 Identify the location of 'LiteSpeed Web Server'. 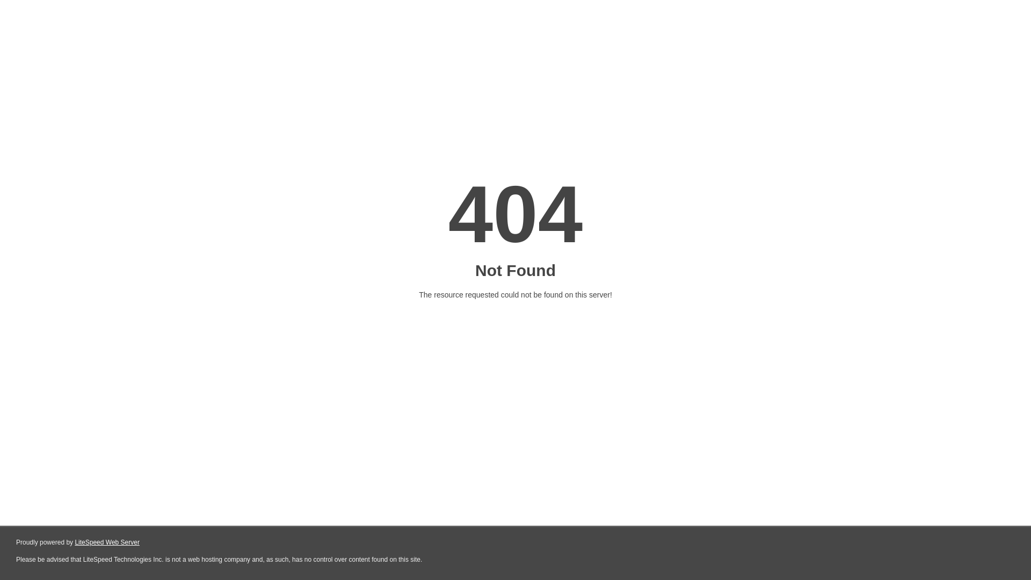
(107, 542).